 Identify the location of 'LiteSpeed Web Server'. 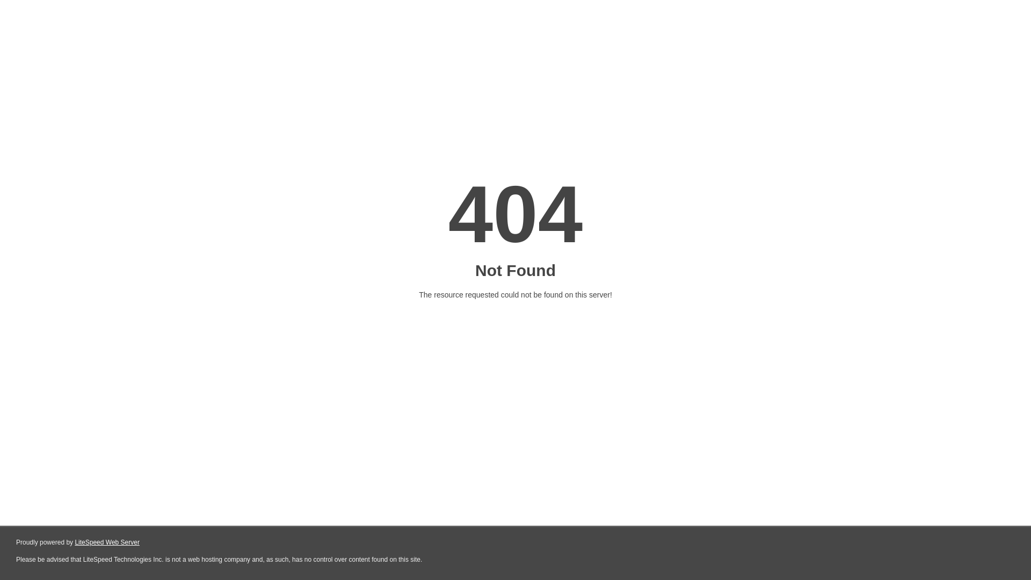
(107, 542).